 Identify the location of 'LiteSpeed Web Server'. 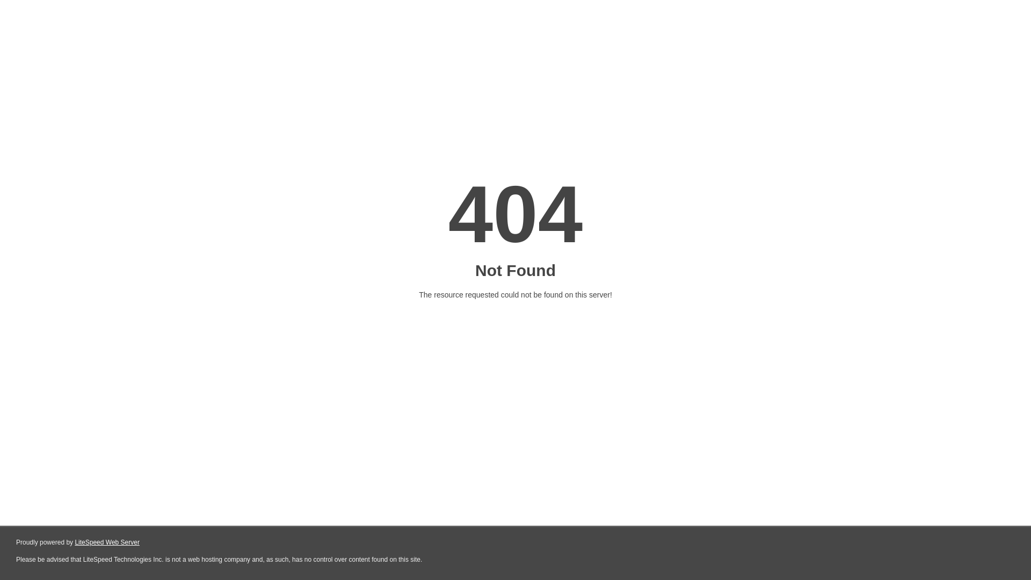
(107, 542).